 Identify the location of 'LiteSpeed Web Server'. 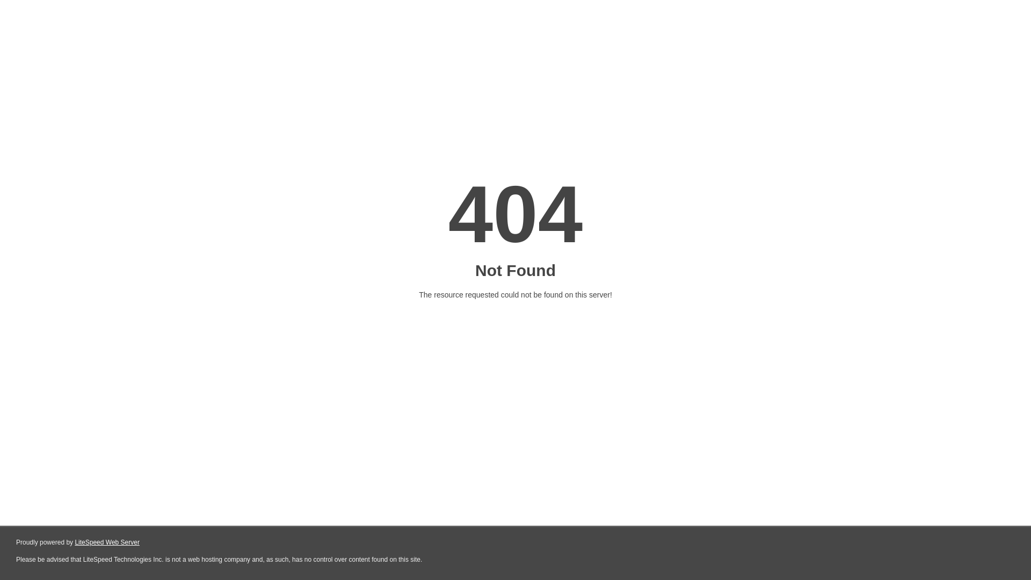
(107, 542).